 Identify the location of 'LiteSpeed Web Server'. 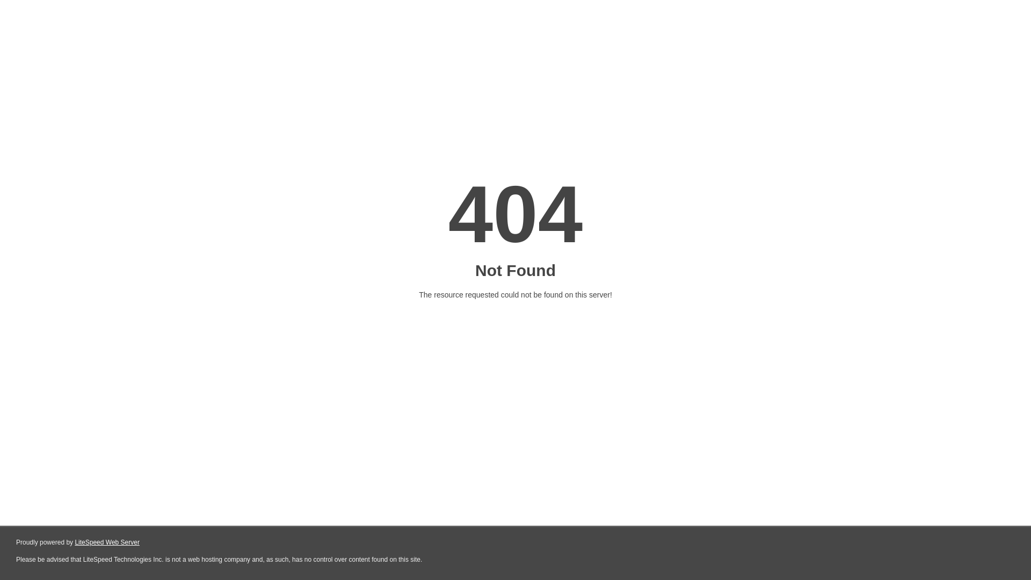
(107, 542).